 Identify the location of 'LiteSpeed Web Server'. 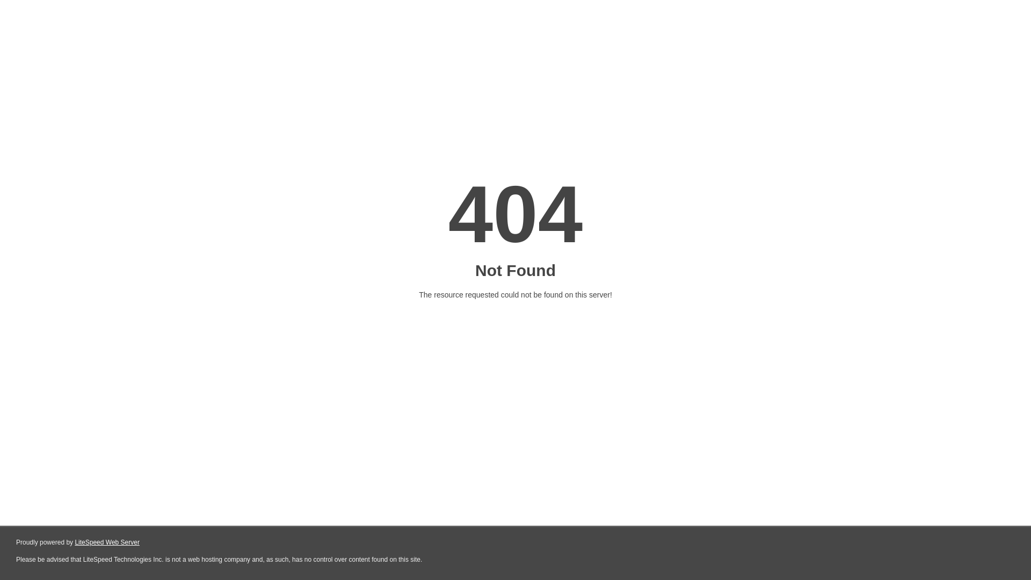
(107, 542).